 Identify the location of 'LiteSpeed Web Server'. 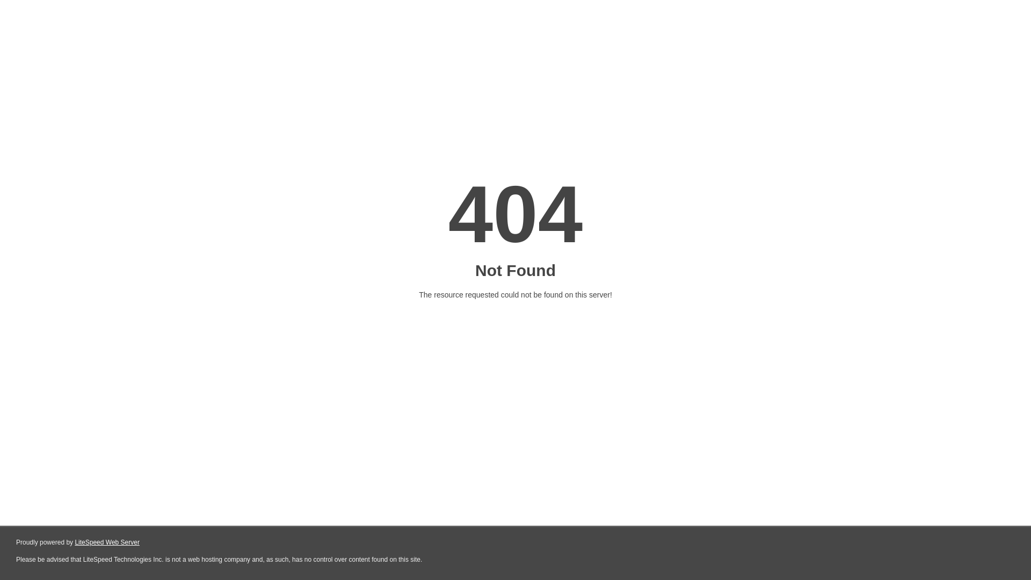
(107, 542).